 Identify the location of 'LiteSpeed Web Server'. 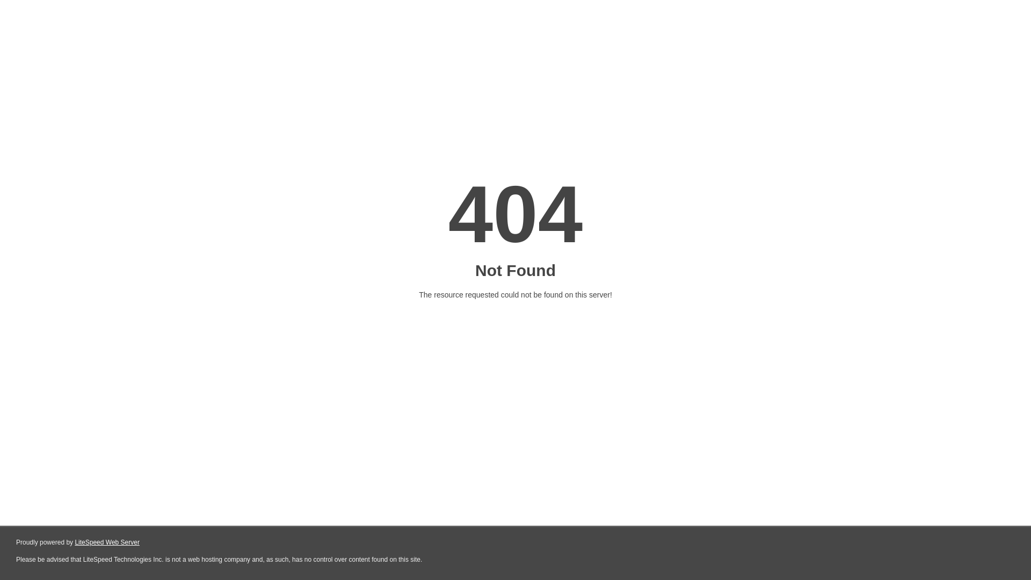
(107, 542).